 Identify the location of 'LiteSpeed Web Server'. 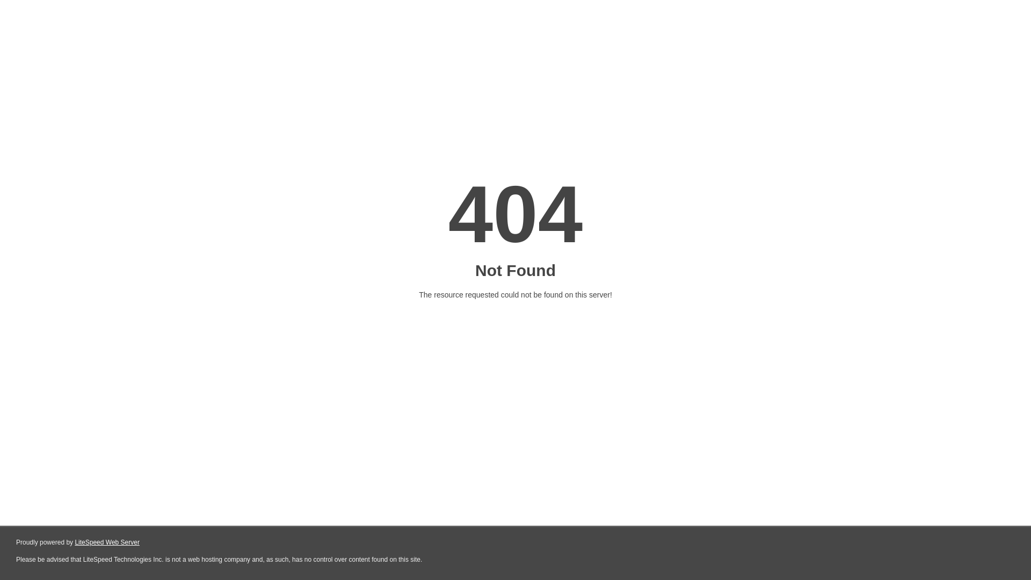
(107, 542).